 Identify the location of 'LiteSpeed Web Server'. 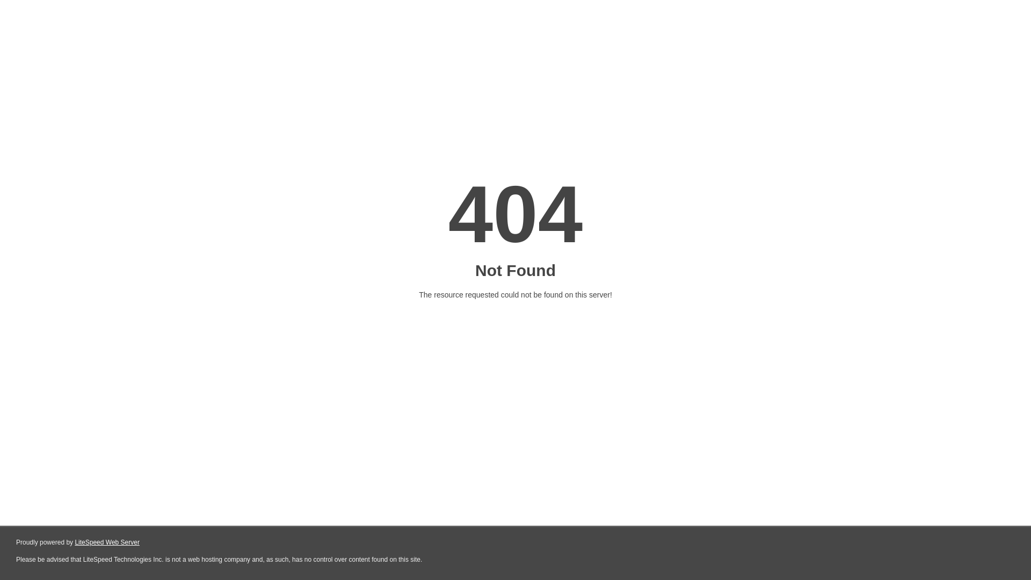
(107, 542).